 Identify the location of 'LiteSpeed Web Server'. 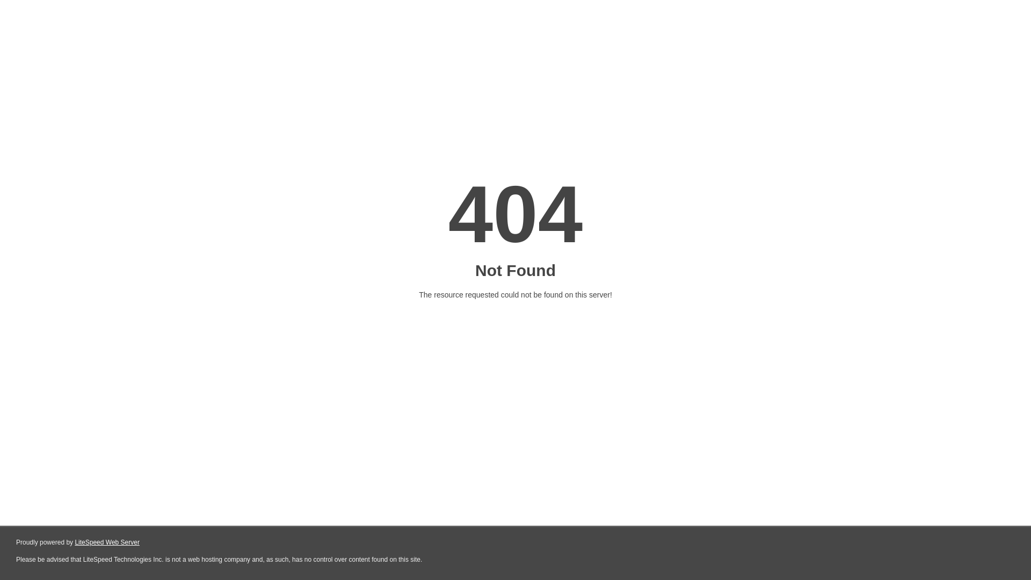
(107, 542).